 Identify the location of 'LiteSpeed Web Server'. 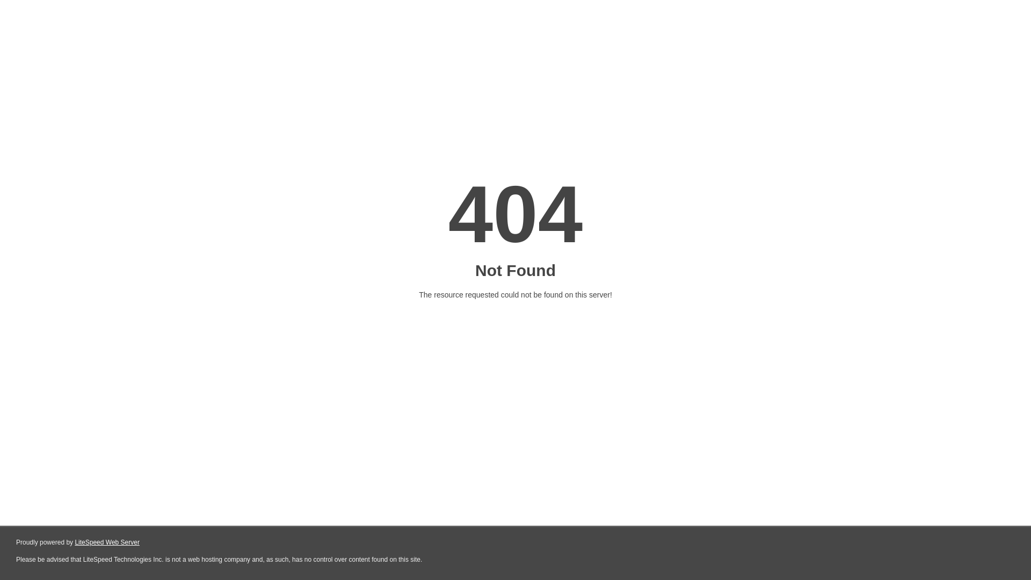
(107, 542).